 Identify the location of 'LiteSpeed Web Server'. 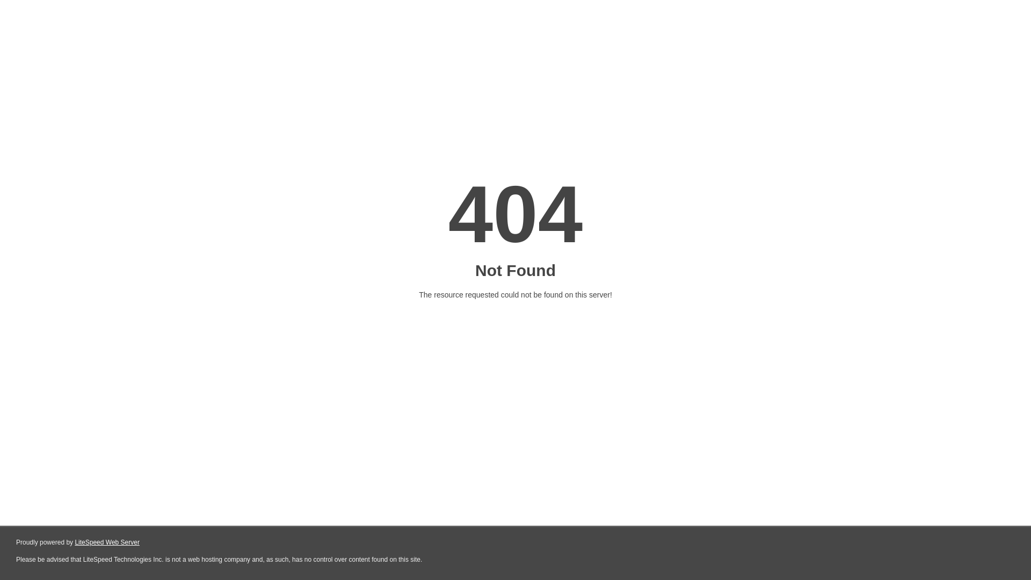
(107, 542).